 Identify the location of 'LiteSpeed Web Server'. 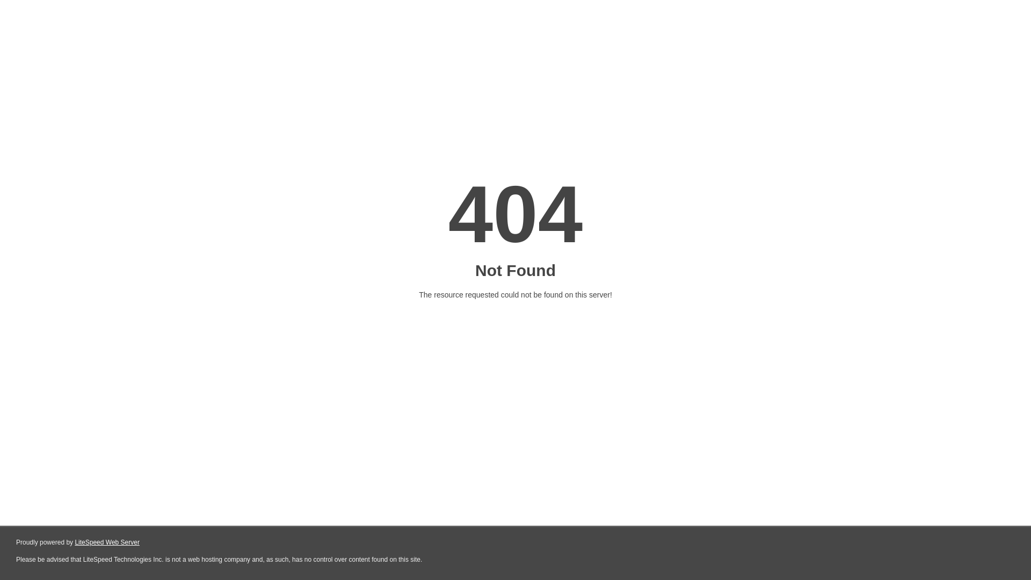
(107, 542).